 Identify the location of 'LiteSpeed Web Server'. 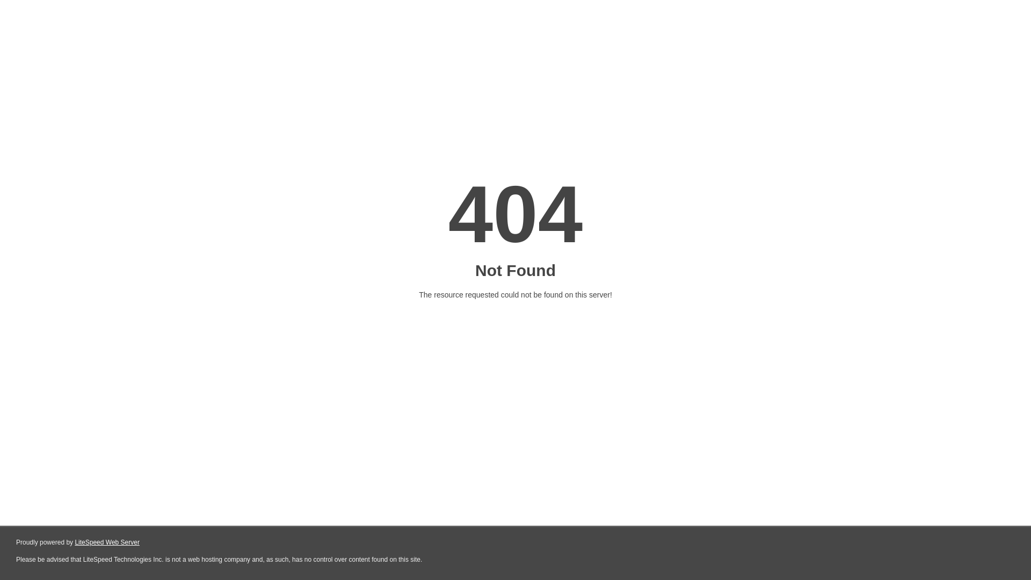
(107, 542).